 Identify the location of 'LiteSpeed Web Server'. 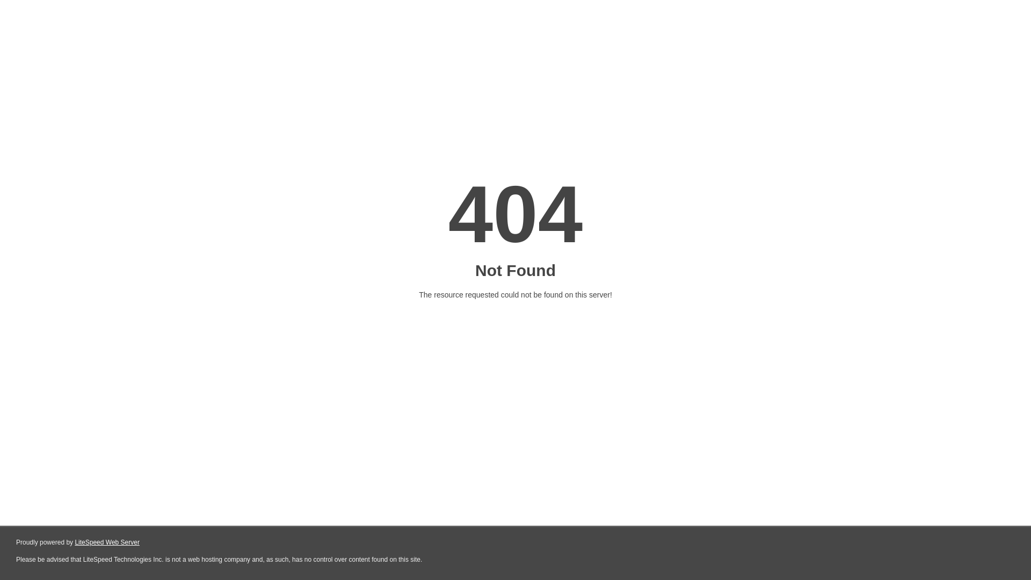
(107, 542).